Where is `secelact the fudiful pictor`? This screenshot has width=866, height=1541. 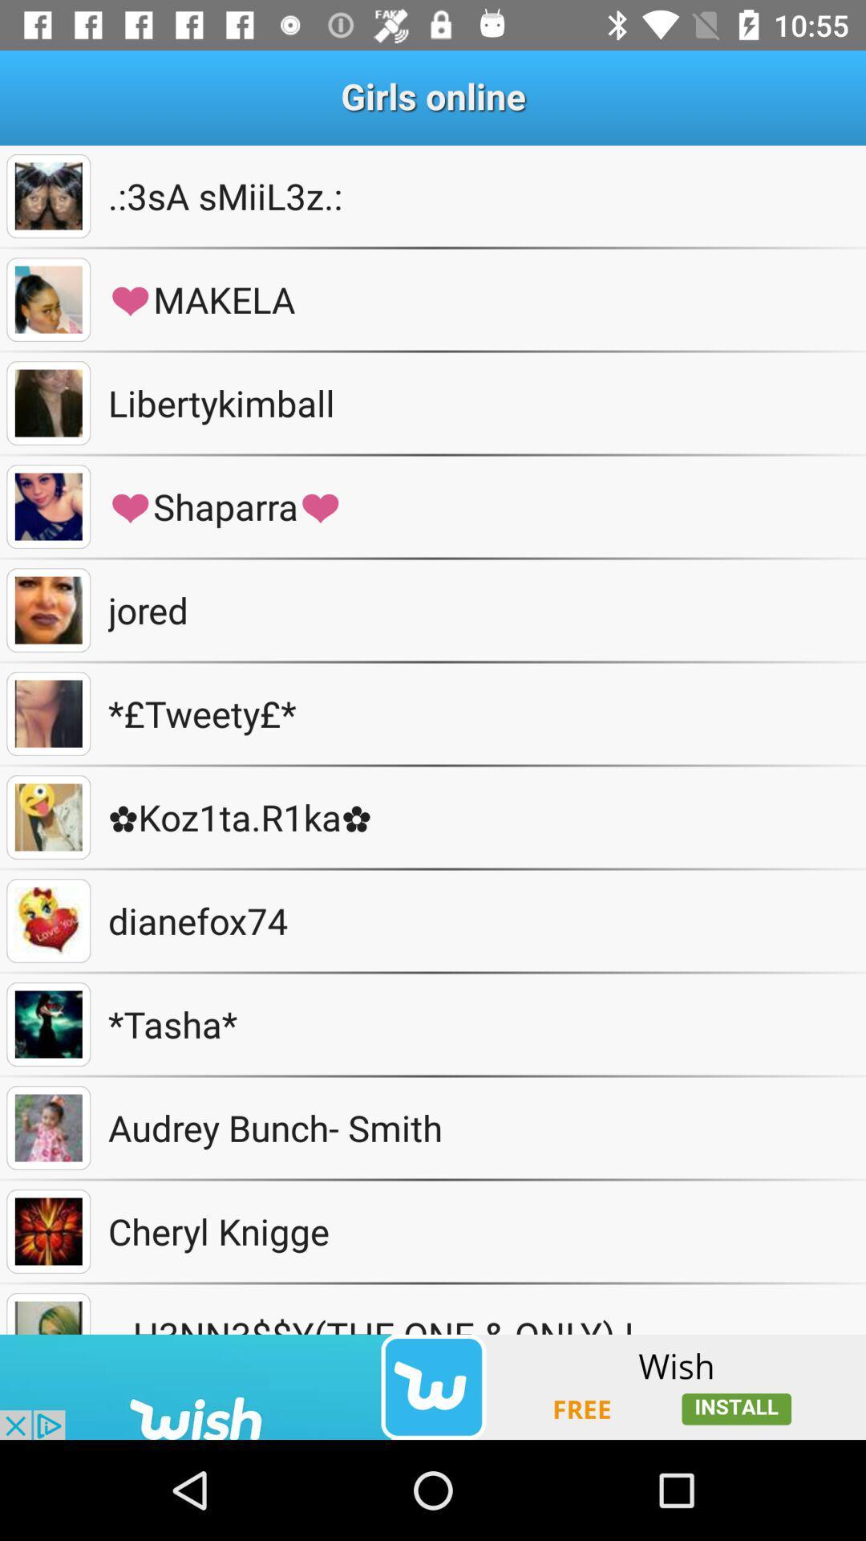
secelact the fudiful pictor is located at coordinates (47, 299).